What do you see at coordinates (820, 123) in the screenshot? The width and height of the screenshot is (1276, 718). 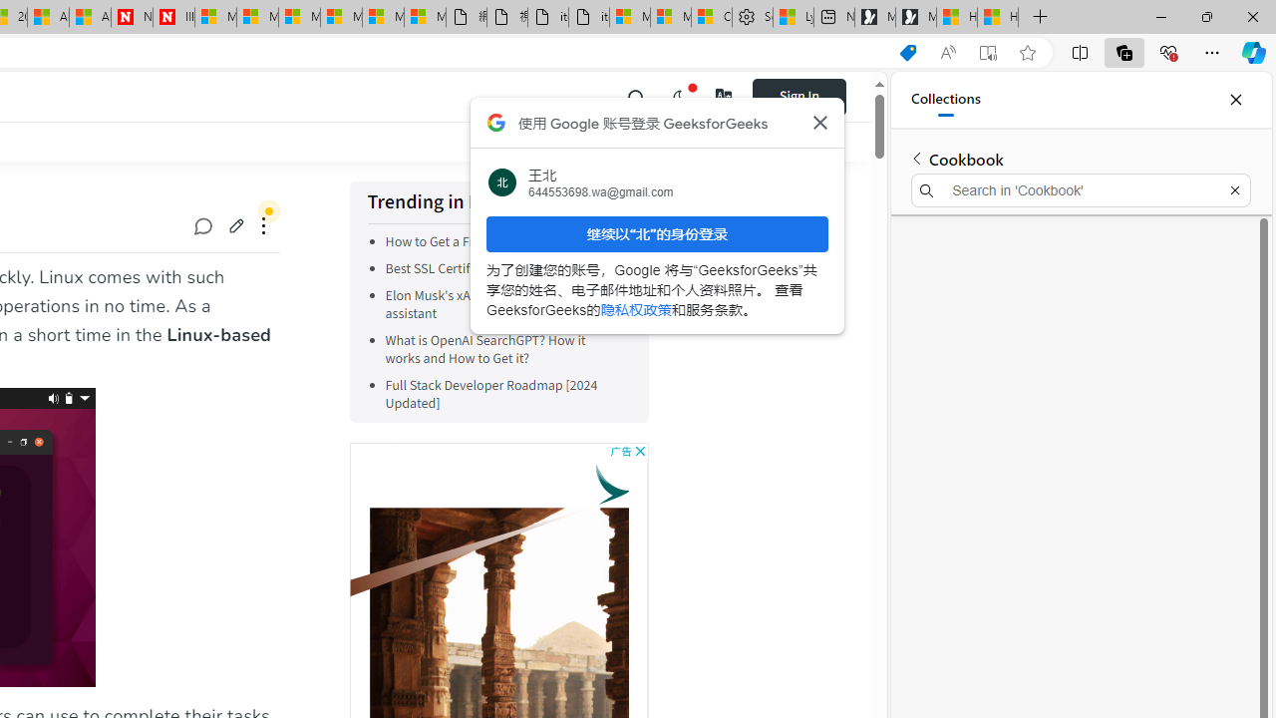 I see `'Class: Bz112c Bz112c-r9oPif'` at bounding box center [820, 123].